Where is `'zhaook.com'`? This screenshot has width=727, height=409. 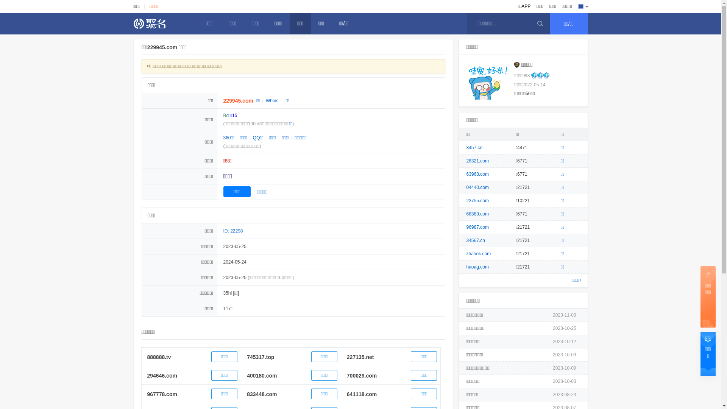 'zhaook.com' is located at coordinates (478, 254).